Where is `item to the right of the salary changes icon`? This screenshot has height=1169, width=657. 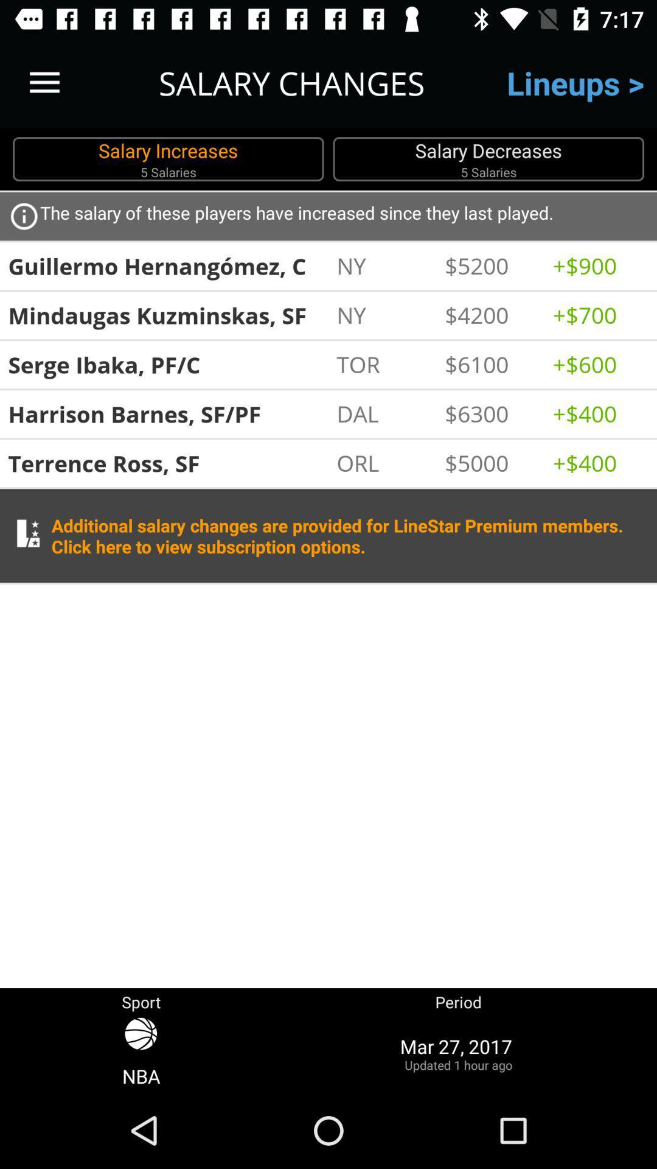 item to the right of the salary changes icon is located at coordinates (575, 82).